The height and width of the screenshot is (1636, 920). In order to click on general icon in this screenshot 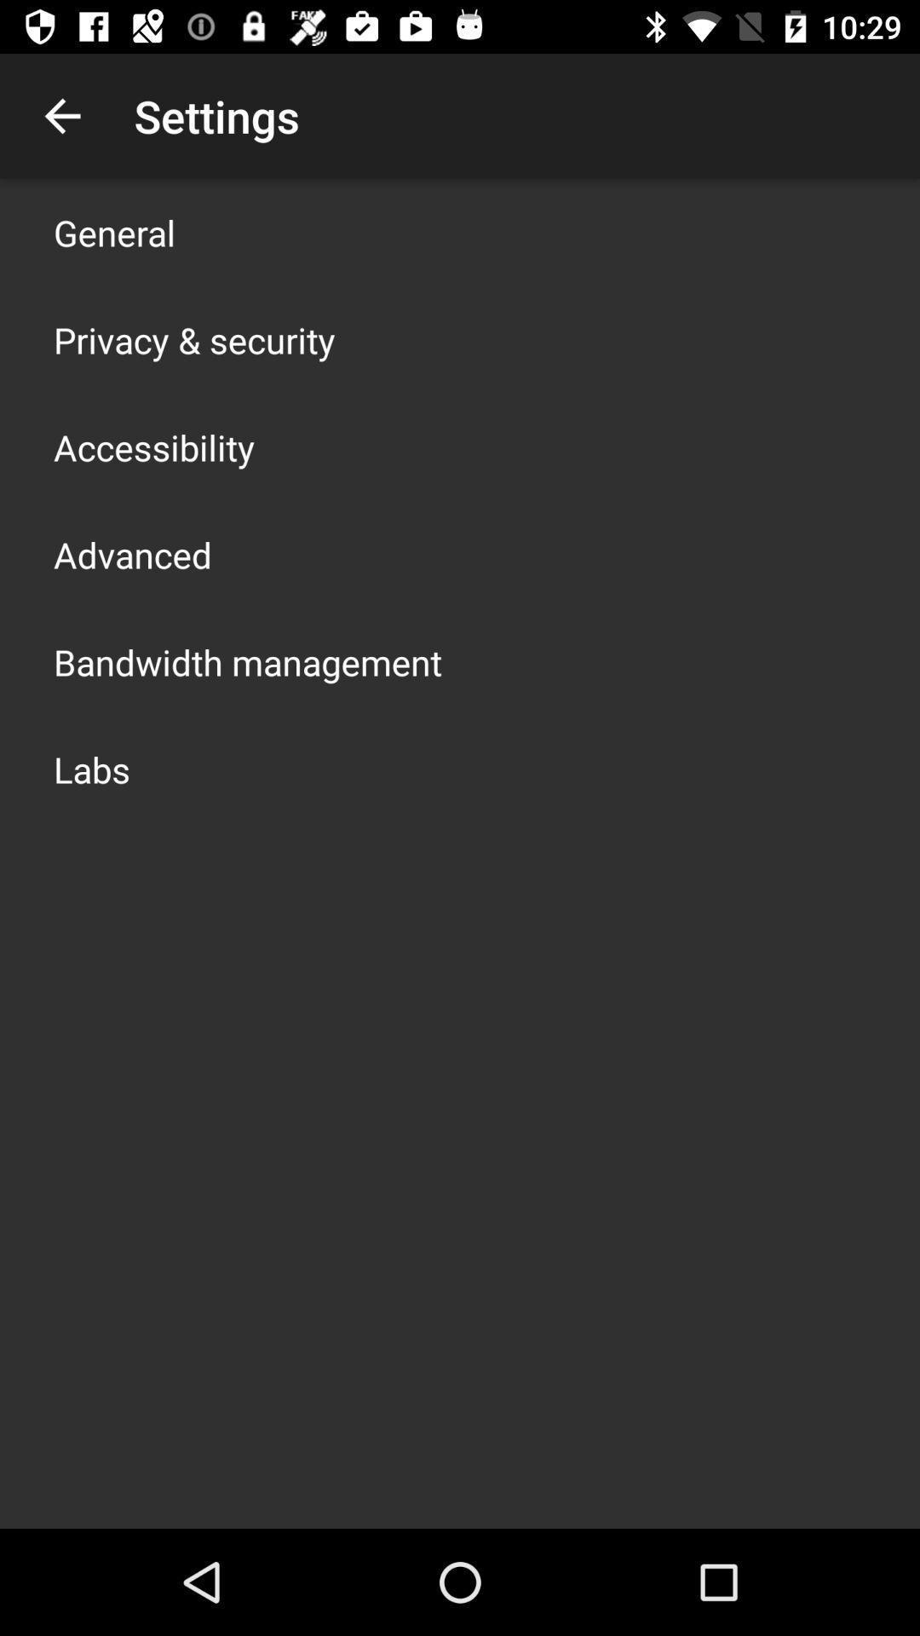, I will do `click(114, 232)`.